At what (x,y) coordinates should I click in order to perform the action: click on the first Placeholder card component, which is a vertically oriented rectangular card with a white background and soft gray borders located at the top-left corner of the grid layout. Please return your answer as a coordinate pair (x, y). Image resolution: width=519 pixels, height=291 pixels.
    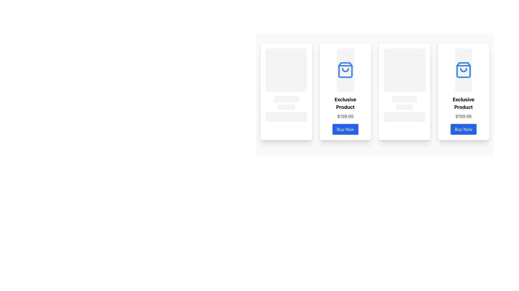
    Looking at the image, I should click on (286, 91).